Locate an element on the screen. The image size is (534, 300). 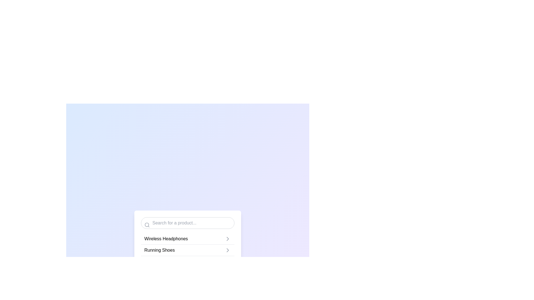
the navigation icon for 'Wireless Headphones' is located at coordinates (228, 239).